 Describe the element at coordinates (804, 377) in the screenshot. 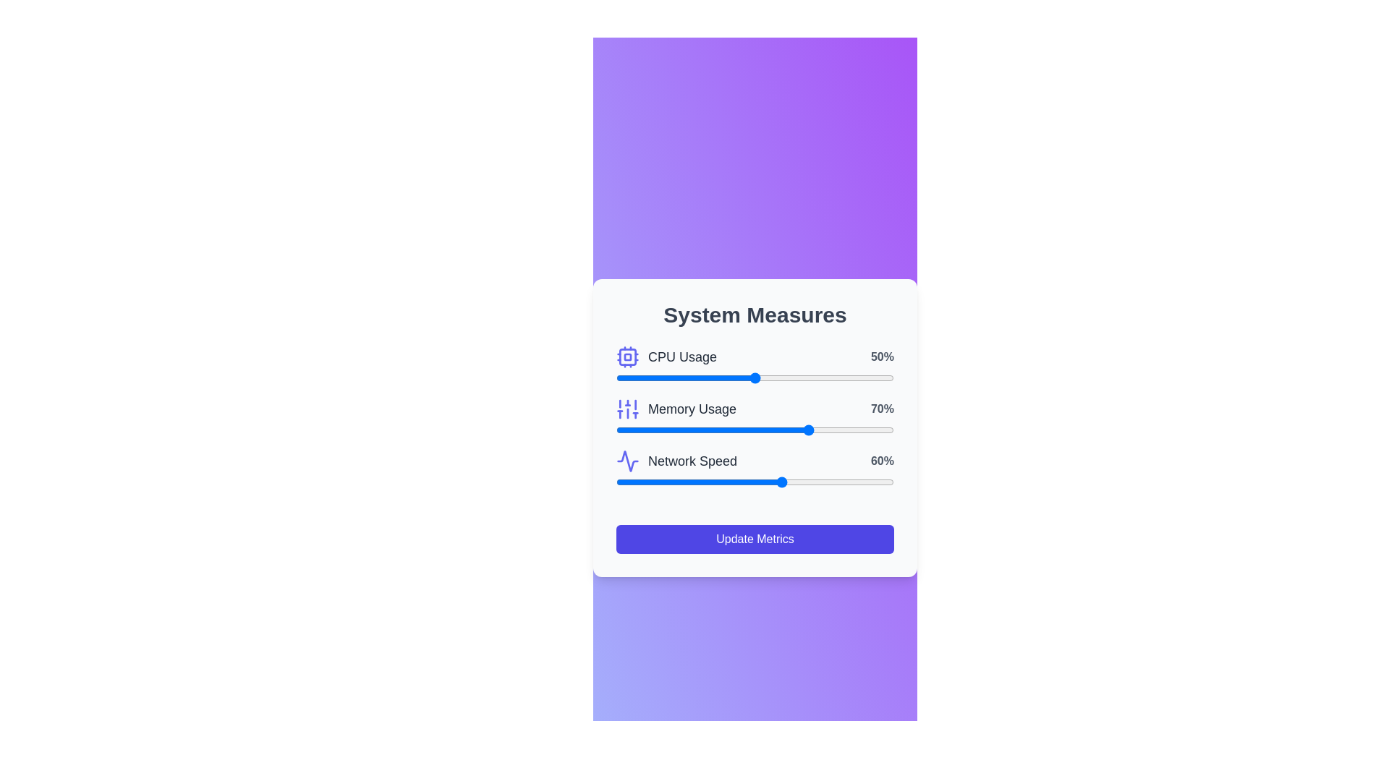

I see `the CPU Usage slider to set the usage to 68%` at that location.